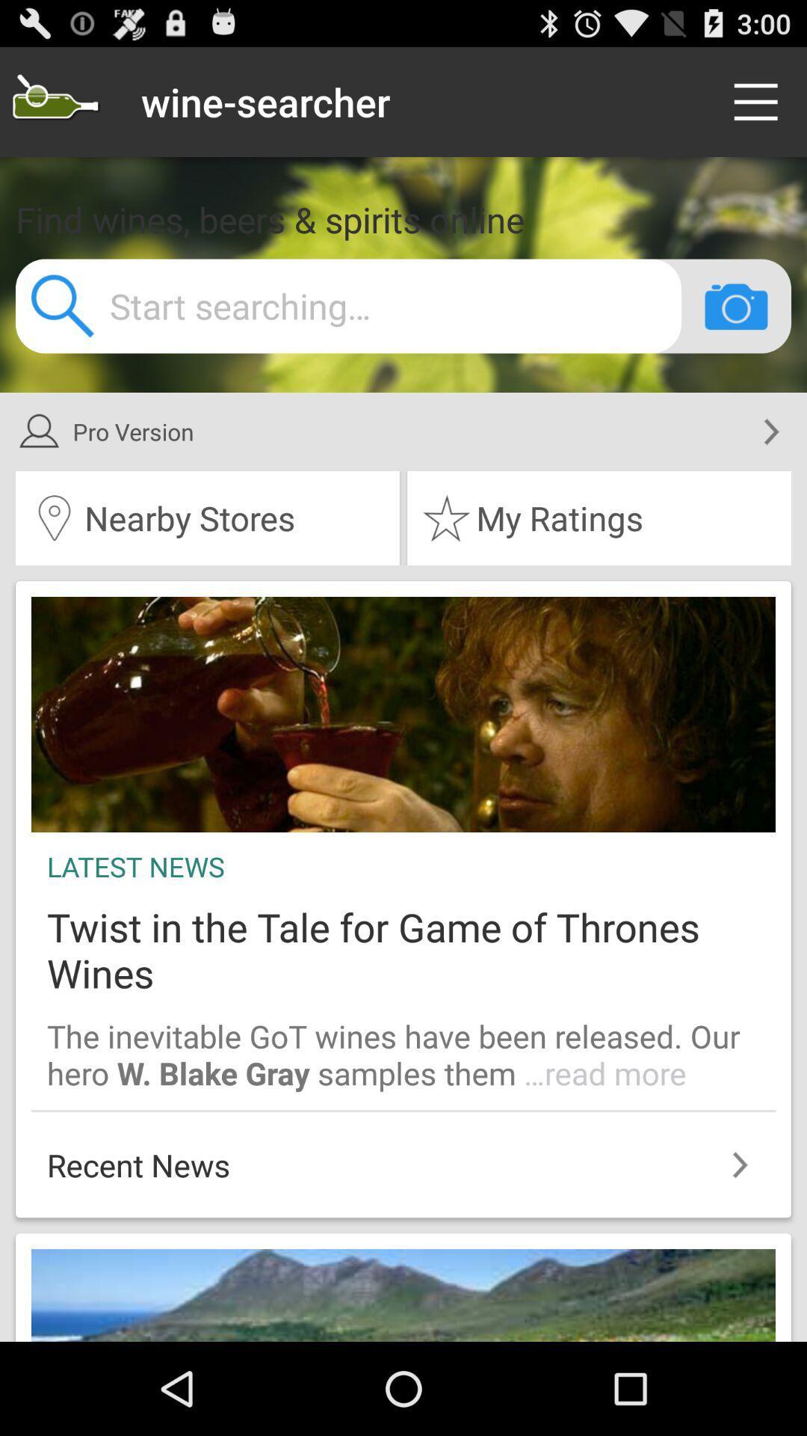 The image size is (807, 1436). I want to click on icon next to wine-searcher item, so click(760, 101).